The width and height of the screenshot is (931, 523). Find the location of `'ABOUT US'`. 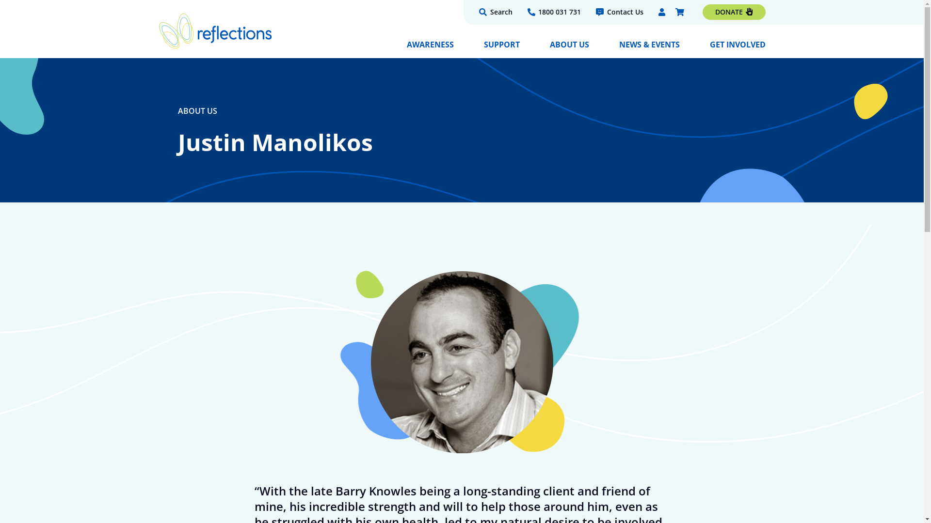

'ABOUT US' is located at coordinates (569, 48).